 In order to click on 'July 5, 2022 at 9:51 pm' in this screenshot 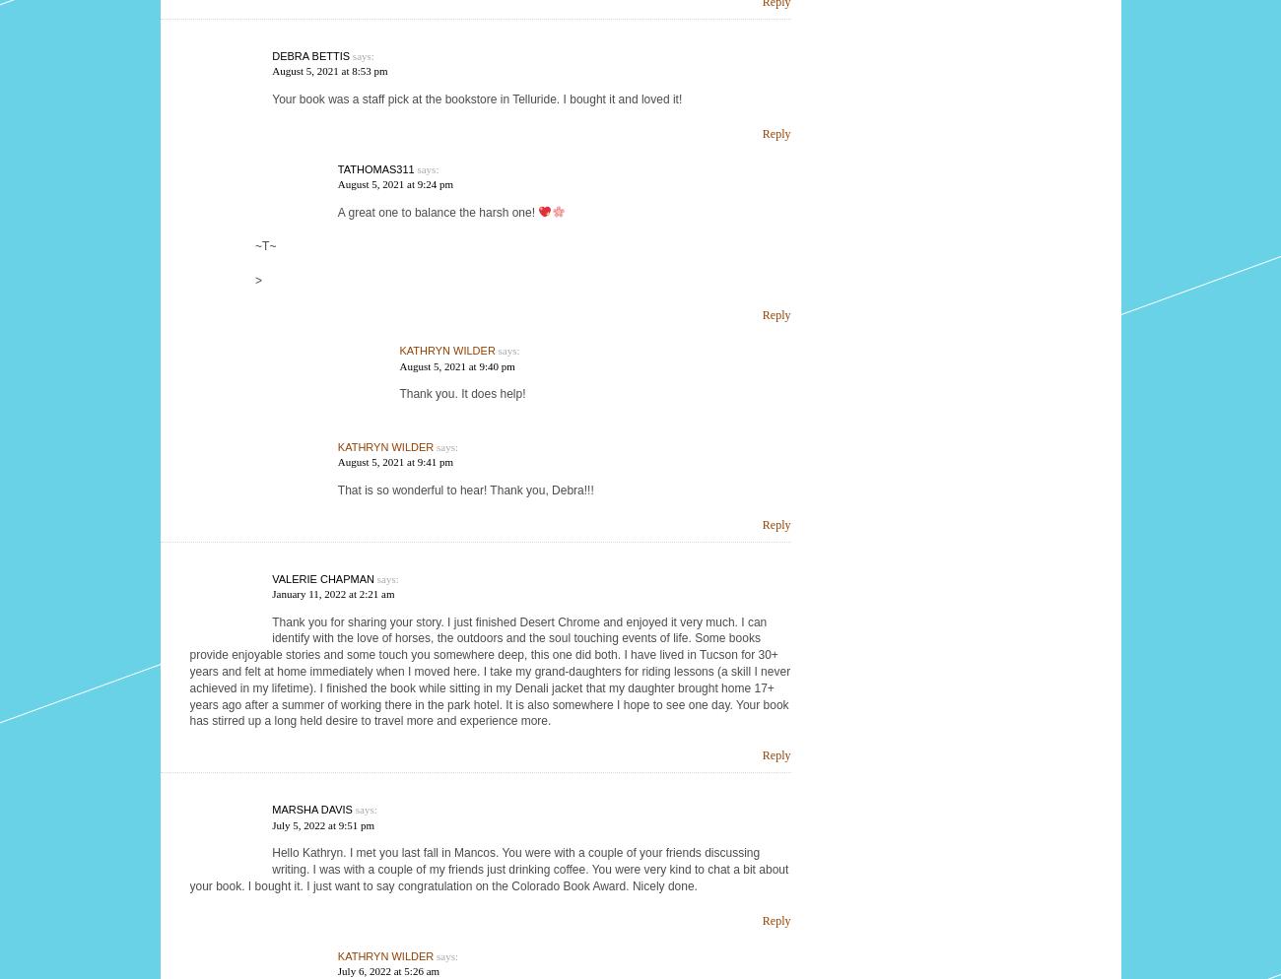, I will do `click(271, 823)`.